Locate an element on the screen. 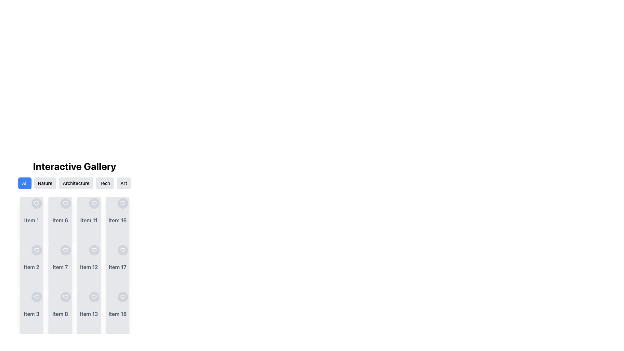 Image resolution: width=624 pixels, height=351 pixels. the favorite icon button located at the top-right corner of 'Item 16' card in the fourth column of the gallery is located at coordinates (123, 203).